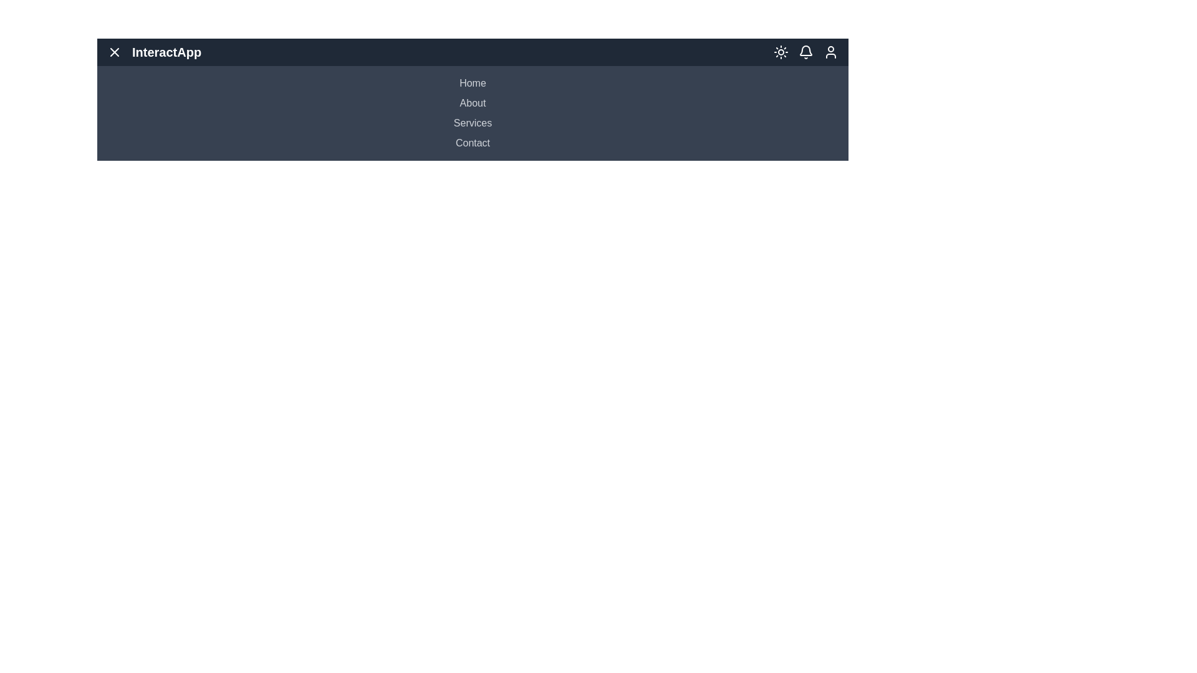 The height and width of the screenshot is (673, 1197). I want to click on the notification bell icon to view notifications, so click(805, 52).